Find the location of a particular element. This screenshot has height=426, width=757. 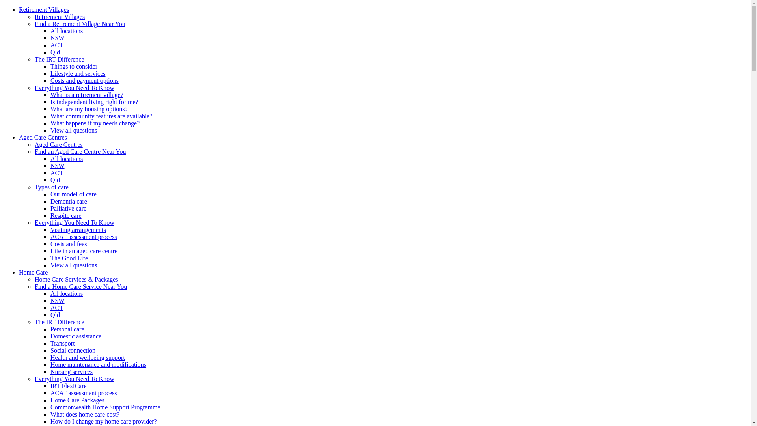

'Personal care' is located at coordinates (50, 329).